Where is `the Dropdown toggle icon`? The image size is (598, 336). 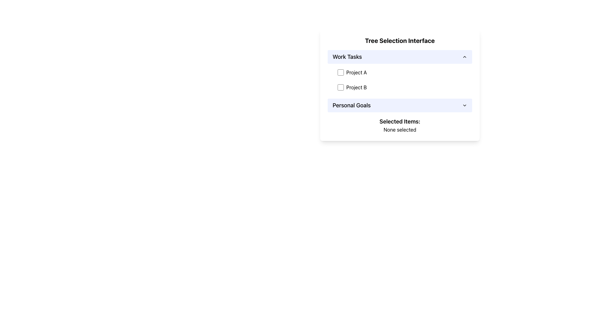 the Dropdown toggle icon is located at coordinates (465, 105).